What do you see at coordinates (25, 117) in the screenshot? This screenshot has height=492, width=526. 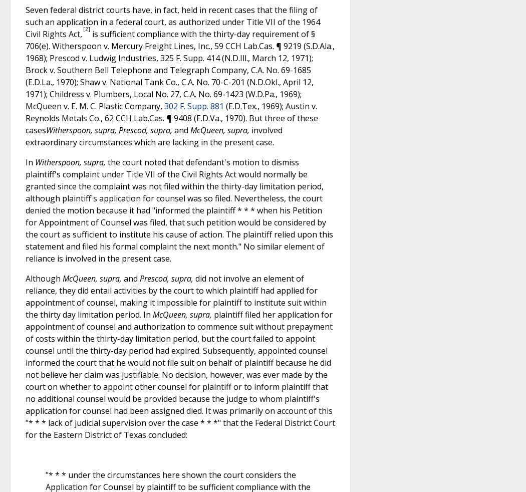 I see `'(E.D.Tex., 1969); Austin v. Reynolds Metals Co., 62 CCH Lab.Cas. ¶ 9408 (E.D.Va., 1970). But three of these cases'` at bounding box center [25, 117].